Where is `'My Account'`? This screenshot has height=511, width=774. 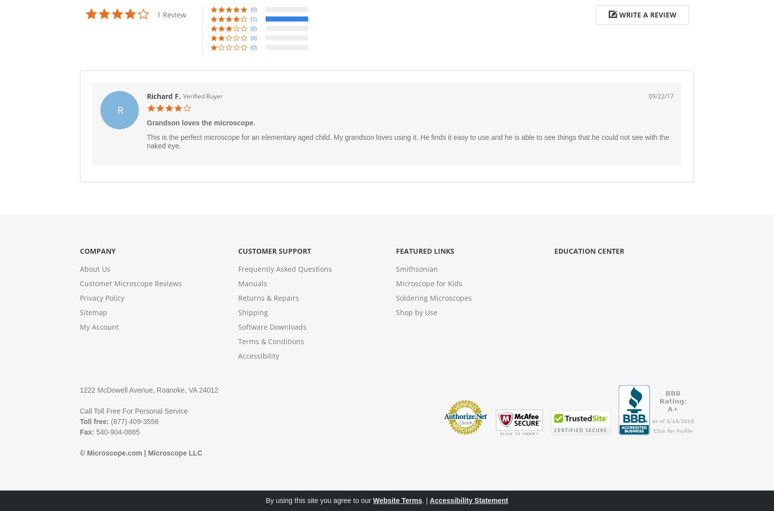
'My Account' is located at coordinates (79, 327).